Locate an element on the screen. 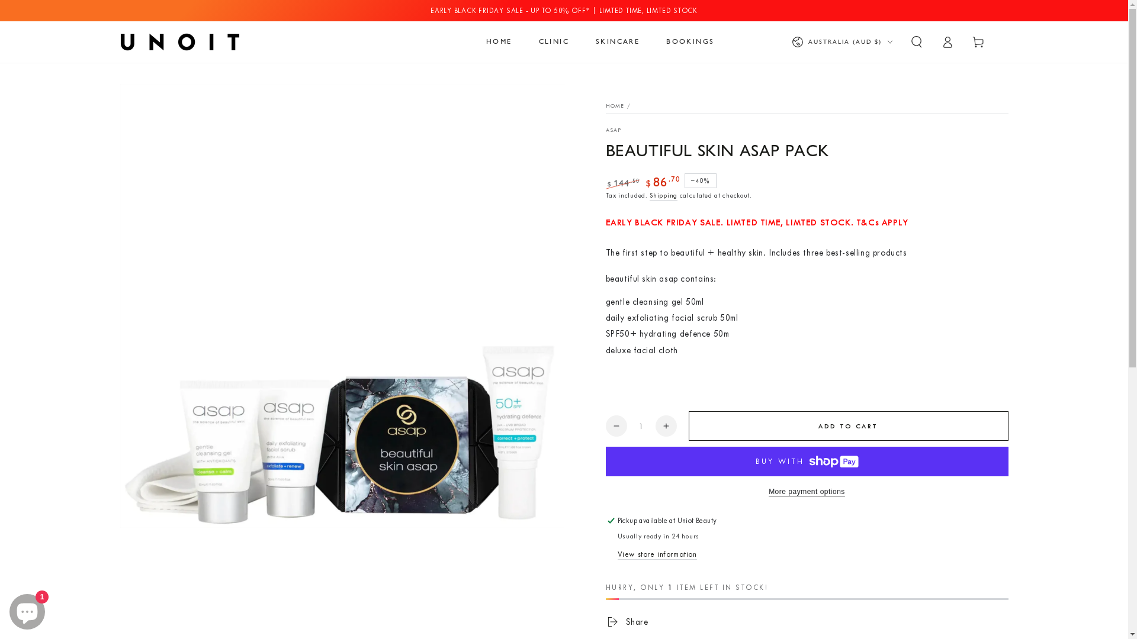  'SKINCARE' is located at coordinates (586, 41).